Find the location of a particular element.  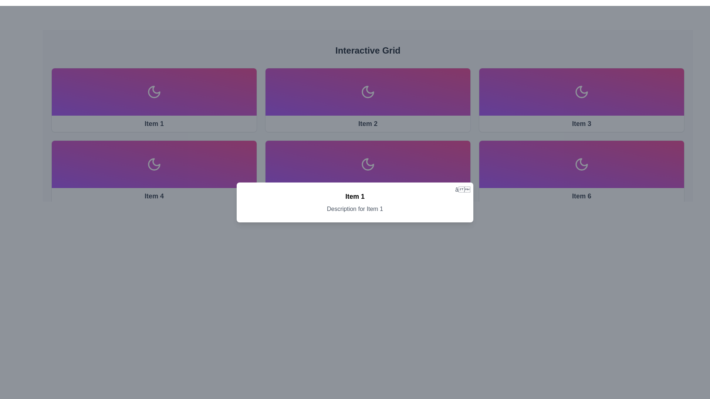

the crescent moon icon representing night mode, located in the lower-left card of the interactive grid layout, specifically the fourth item labeled 'Item 4' is located at coordinates (154, 164).